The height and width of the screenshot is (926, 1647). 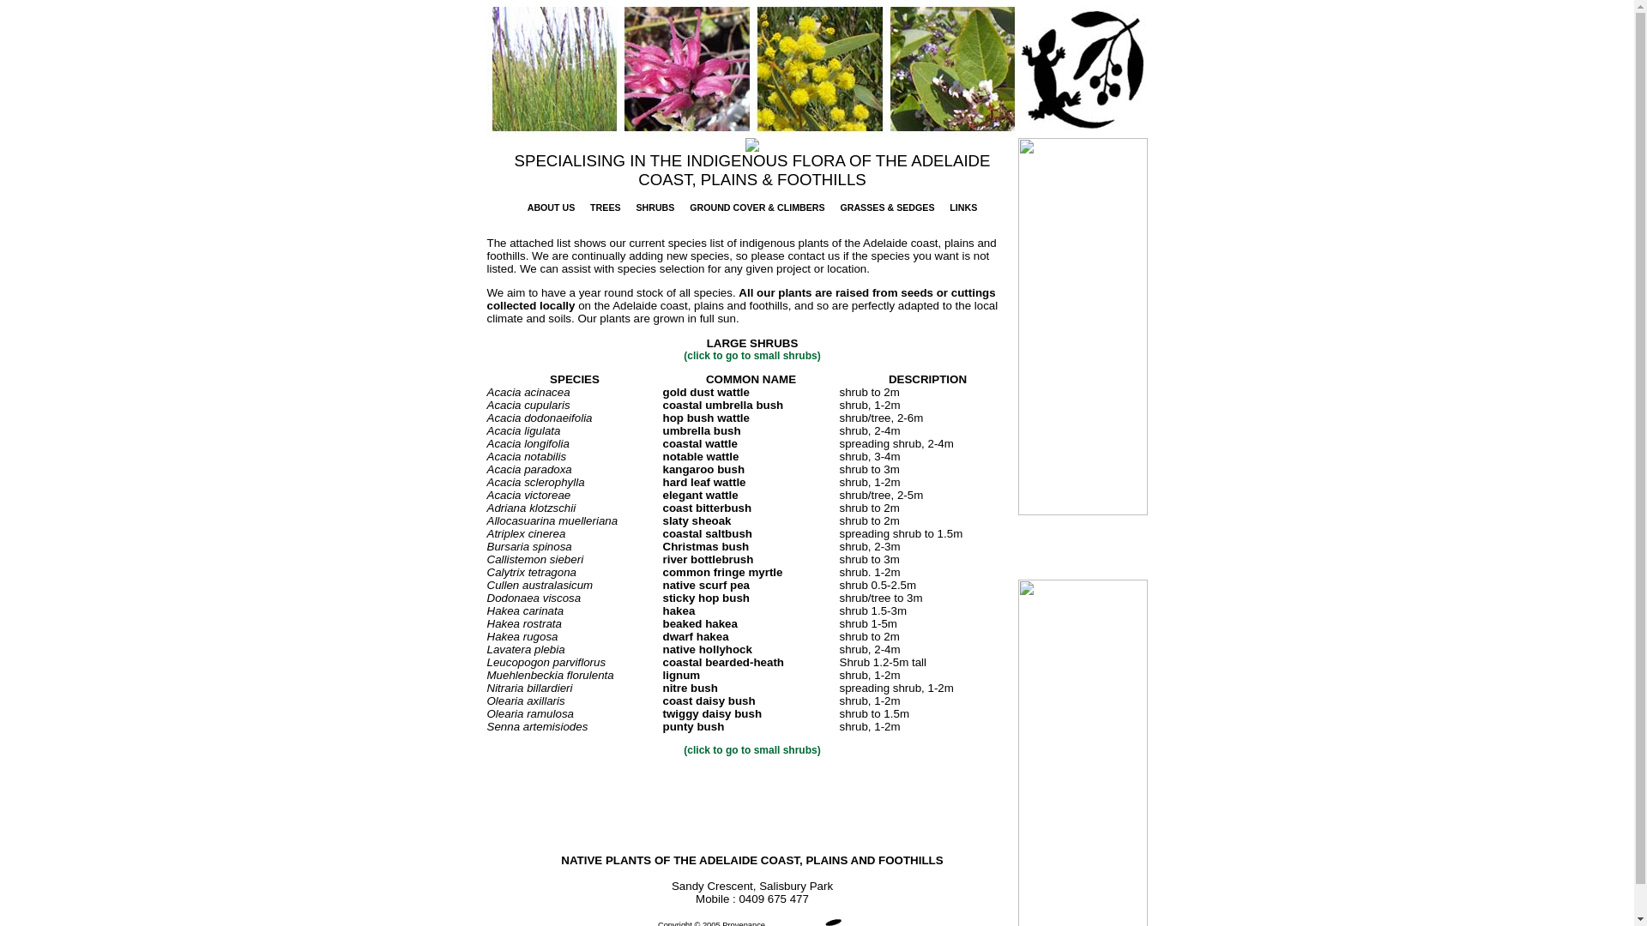 I want to click on 'TREES', so click(x=605, y=207).